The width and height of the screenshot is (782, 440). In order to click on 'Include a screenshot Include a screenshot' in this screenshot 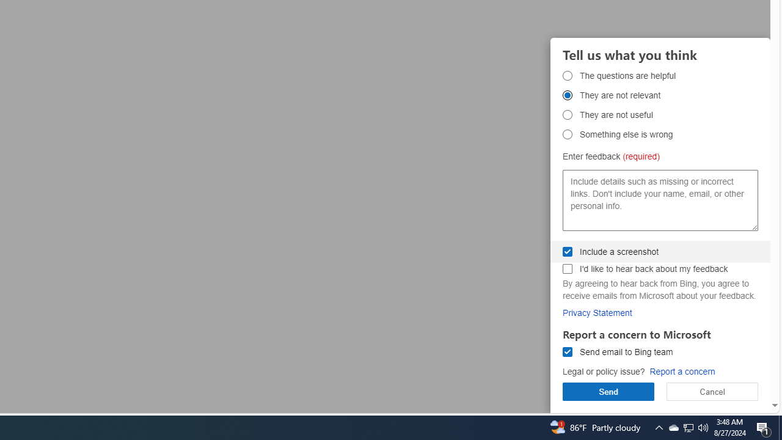, I will do `click(567, 251)`.